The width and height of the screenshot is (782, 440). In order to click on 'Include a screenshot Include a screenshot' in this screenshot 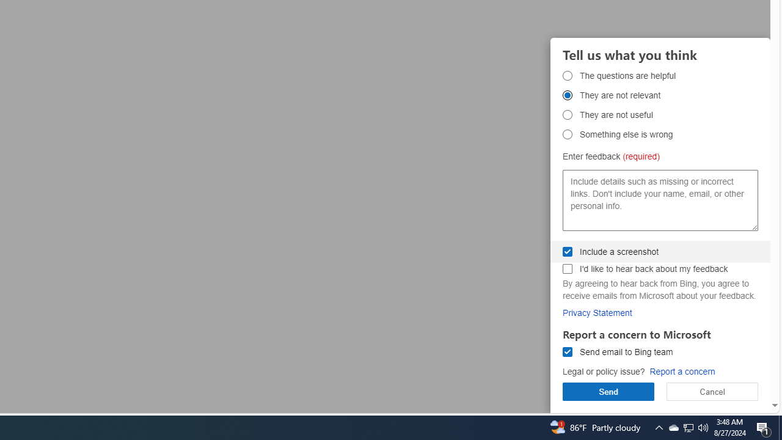, I will do `click(567, 251)`.